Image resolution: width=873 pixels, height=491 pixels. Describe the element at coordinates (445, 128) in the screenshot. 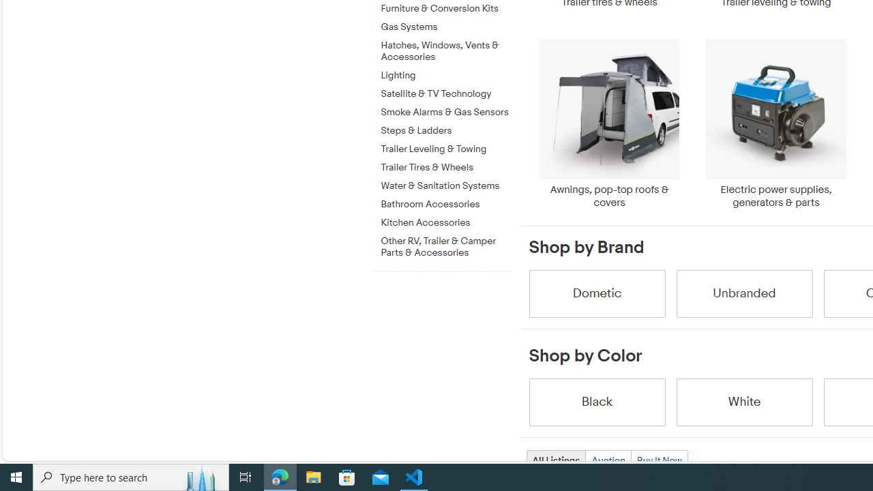

I see `'Steps & Ladders'` at that location.